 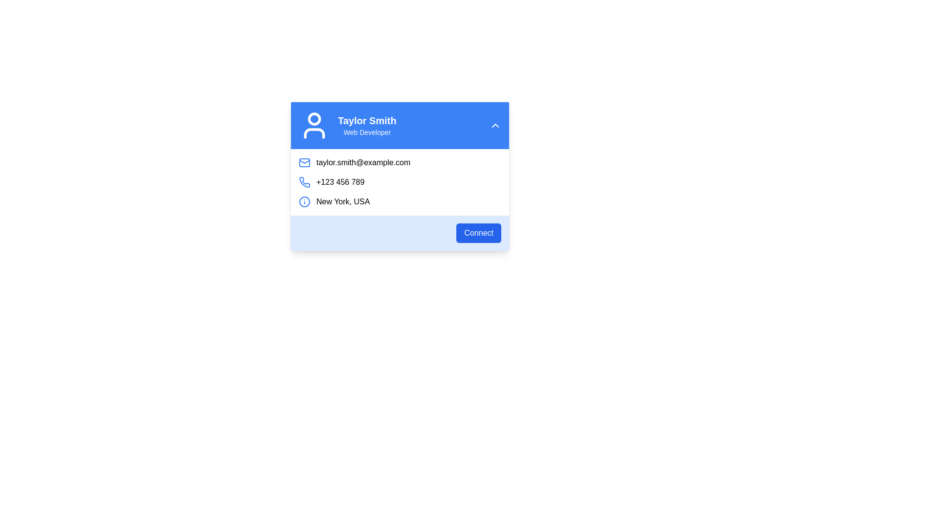 I want to click on the blue phone icon located to the left of the phone number text '+123 456 789', so click(x=304, y=182).